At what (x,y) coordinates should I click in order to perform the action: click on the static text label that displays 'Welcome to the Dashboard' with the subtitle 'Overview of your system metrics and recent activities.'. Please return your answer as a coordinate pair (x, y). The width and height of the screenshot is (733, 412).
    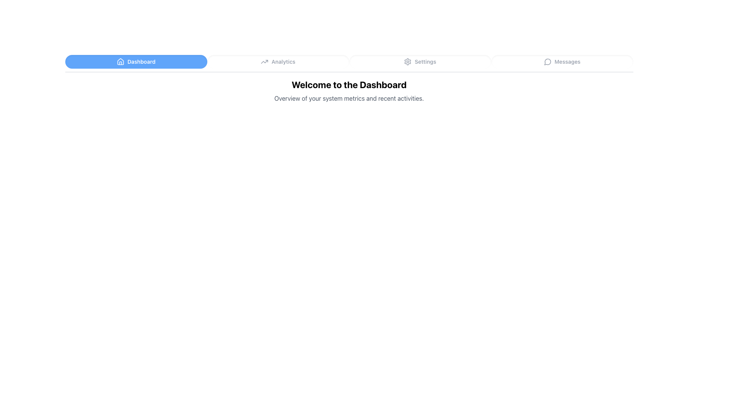
    Looking at the image, I should click on (349, 90).